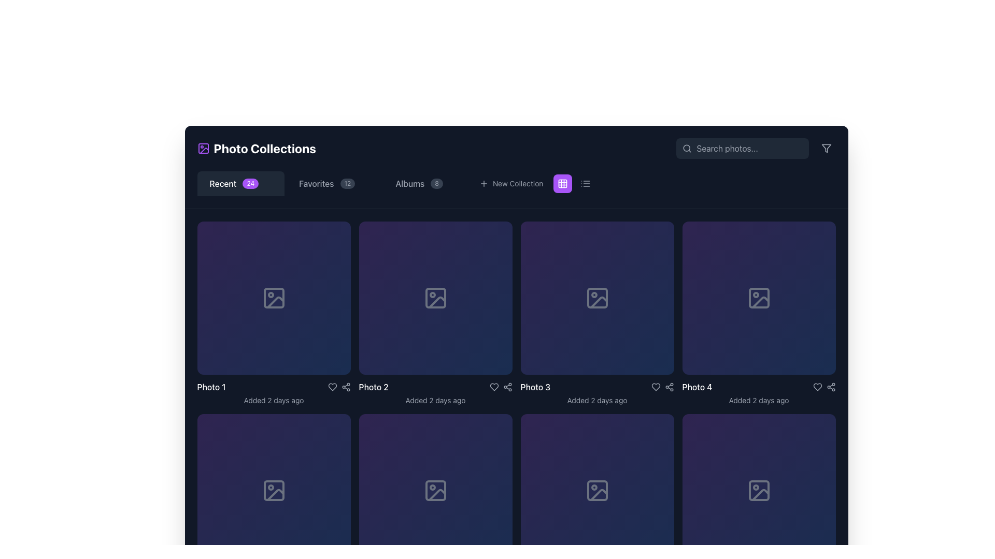 The width and height of the screenshot is (995, 559). Describe the element at coordinates (211, 387) in the screenshot. I see `the static text label displaying 'Photo 1' in white, bold font located at the bottom-left of the first photo card` at that location.